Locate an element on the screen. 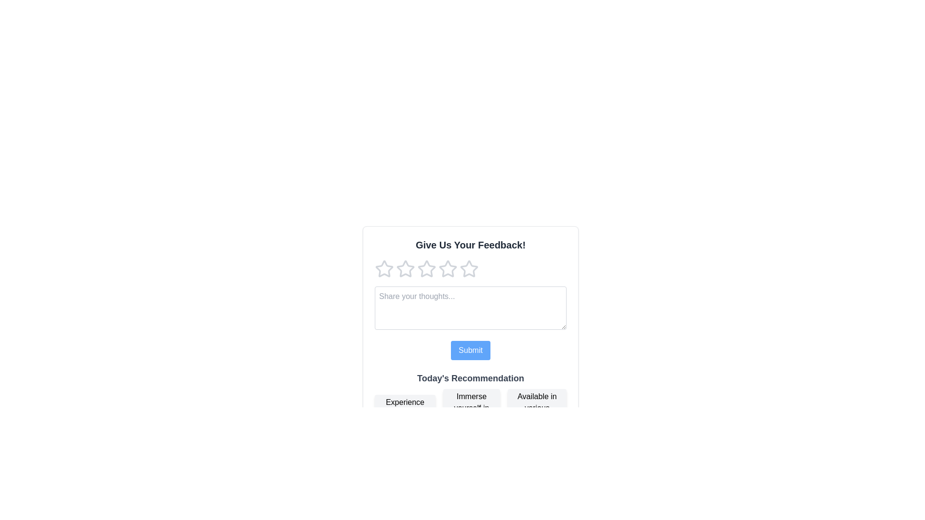 The width and height of the screenshot is (925, 520). the second rating star in the feedback form is located at coordinates (426, 269).